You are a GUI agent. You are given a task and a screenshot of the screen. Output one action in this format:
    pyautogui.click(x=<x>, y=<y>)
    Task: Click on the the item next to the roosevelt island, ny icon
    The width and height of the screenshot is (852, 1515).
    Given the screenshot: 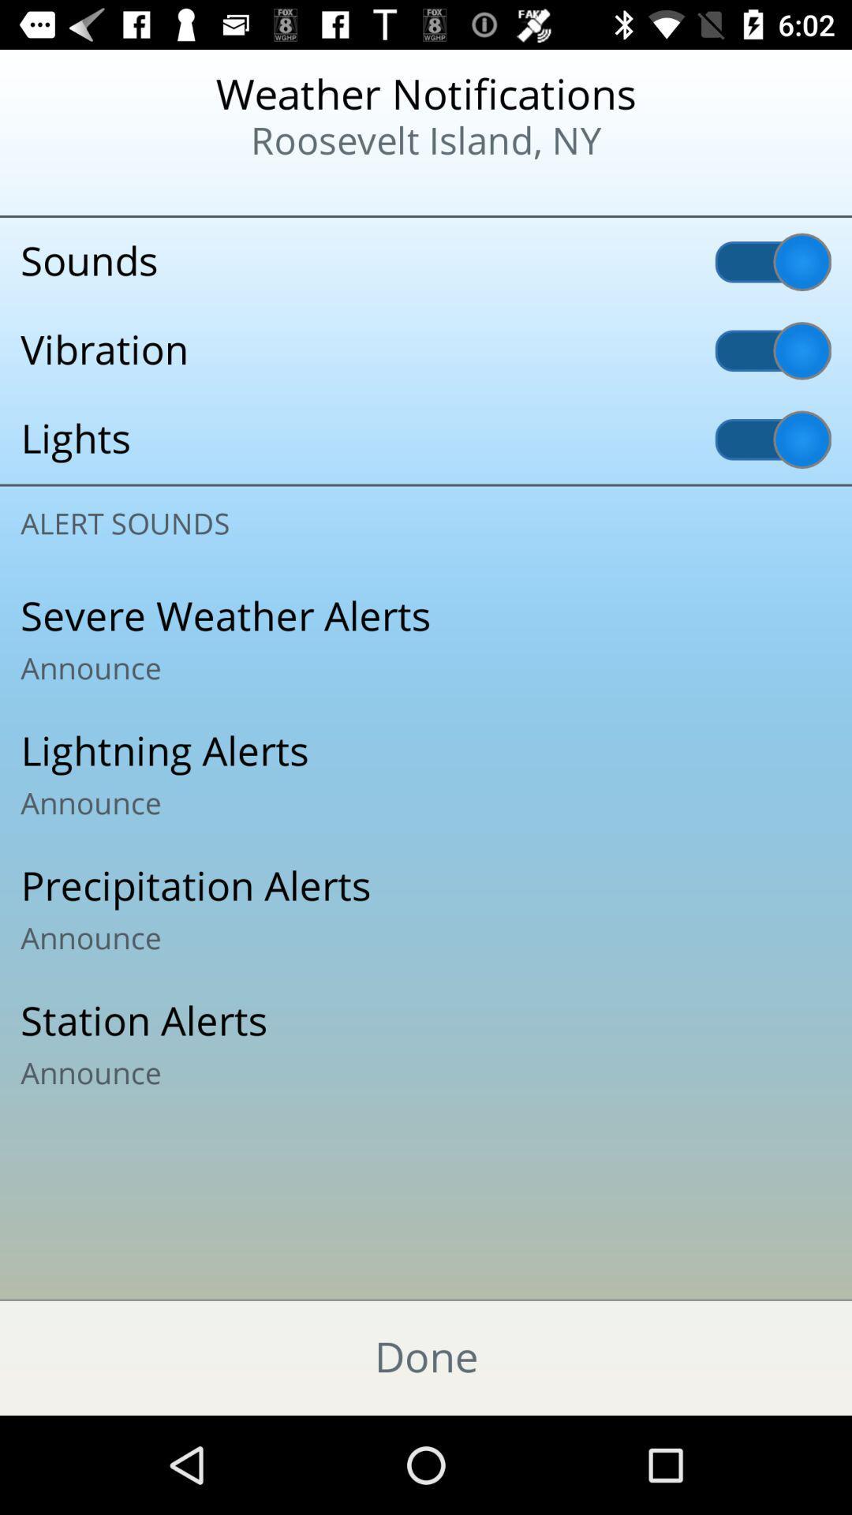 What is the action you would take?
    pyautogui.click(x=103, y=189)
    